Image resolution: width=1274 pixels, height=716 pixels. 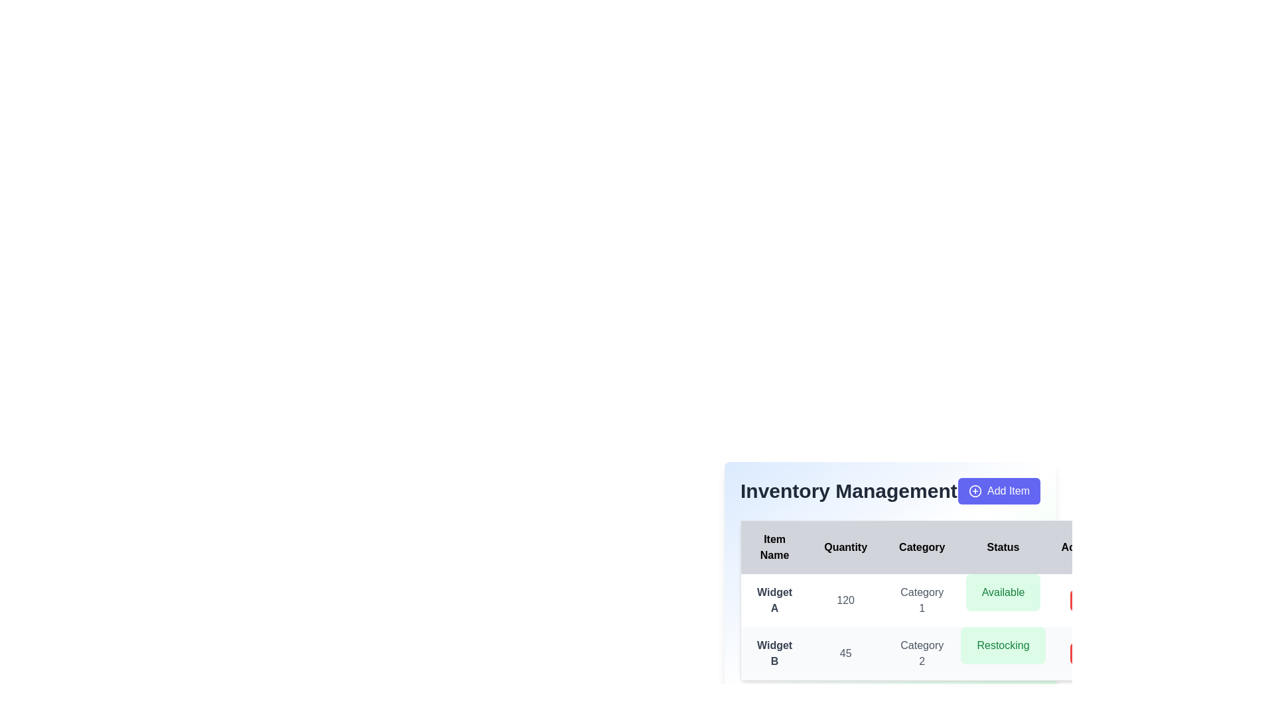 What do you see at coordinates (928, 601) in the screenshot?
I see `category information displayed for 'Widget A' in the inventory table, specifically under the 'Category' column located at the coordinates provided` at bounding box center [928, 601].